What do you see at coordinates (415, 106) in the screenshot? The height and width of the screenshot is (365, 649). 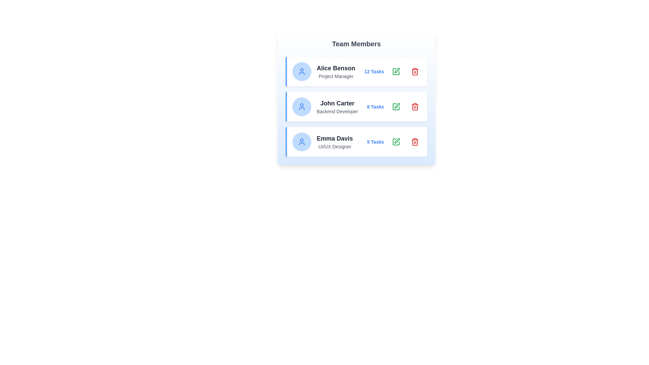 I see `the 'Remove' button for the team member identified by John Carter` at bounding box center [415, 106].